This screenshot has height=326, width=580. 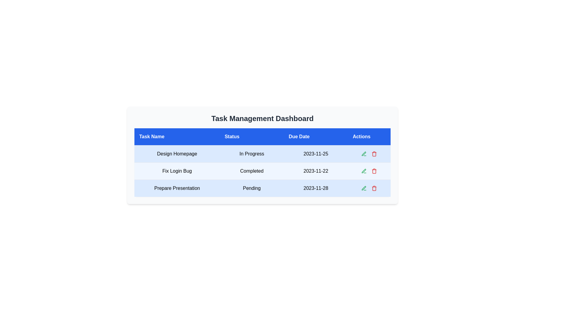 What do you see at coordinates (177, 188) in the screenshot?
I see `the static text label identifying the task 'Prepare Presentation' in the task management table, located in the third row under the 'Task Name' column` at bounding box center [177, 188].